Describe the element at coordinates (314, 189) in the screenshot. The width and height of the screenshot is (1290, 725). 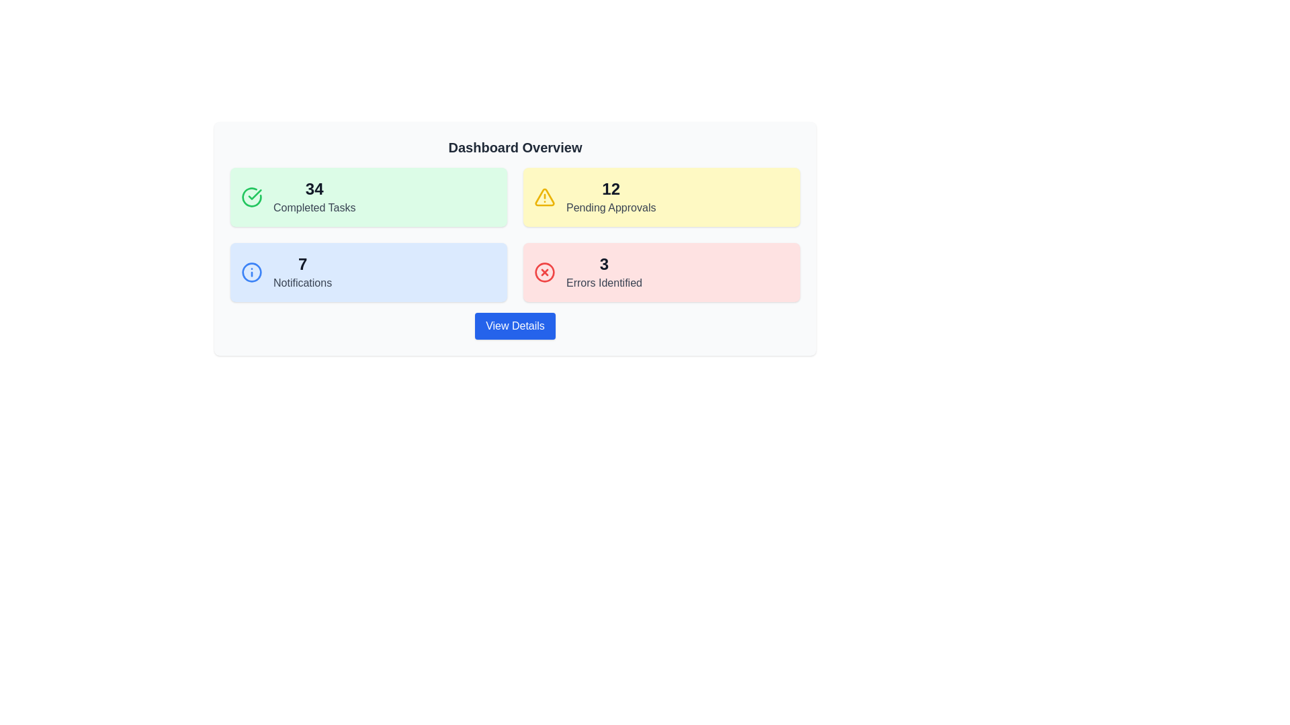
I see `the bold number '34' displayed in black text on the green background card indicating 'Completed Tasks' in the top left corner of the Dashboard Overview section` at that location.